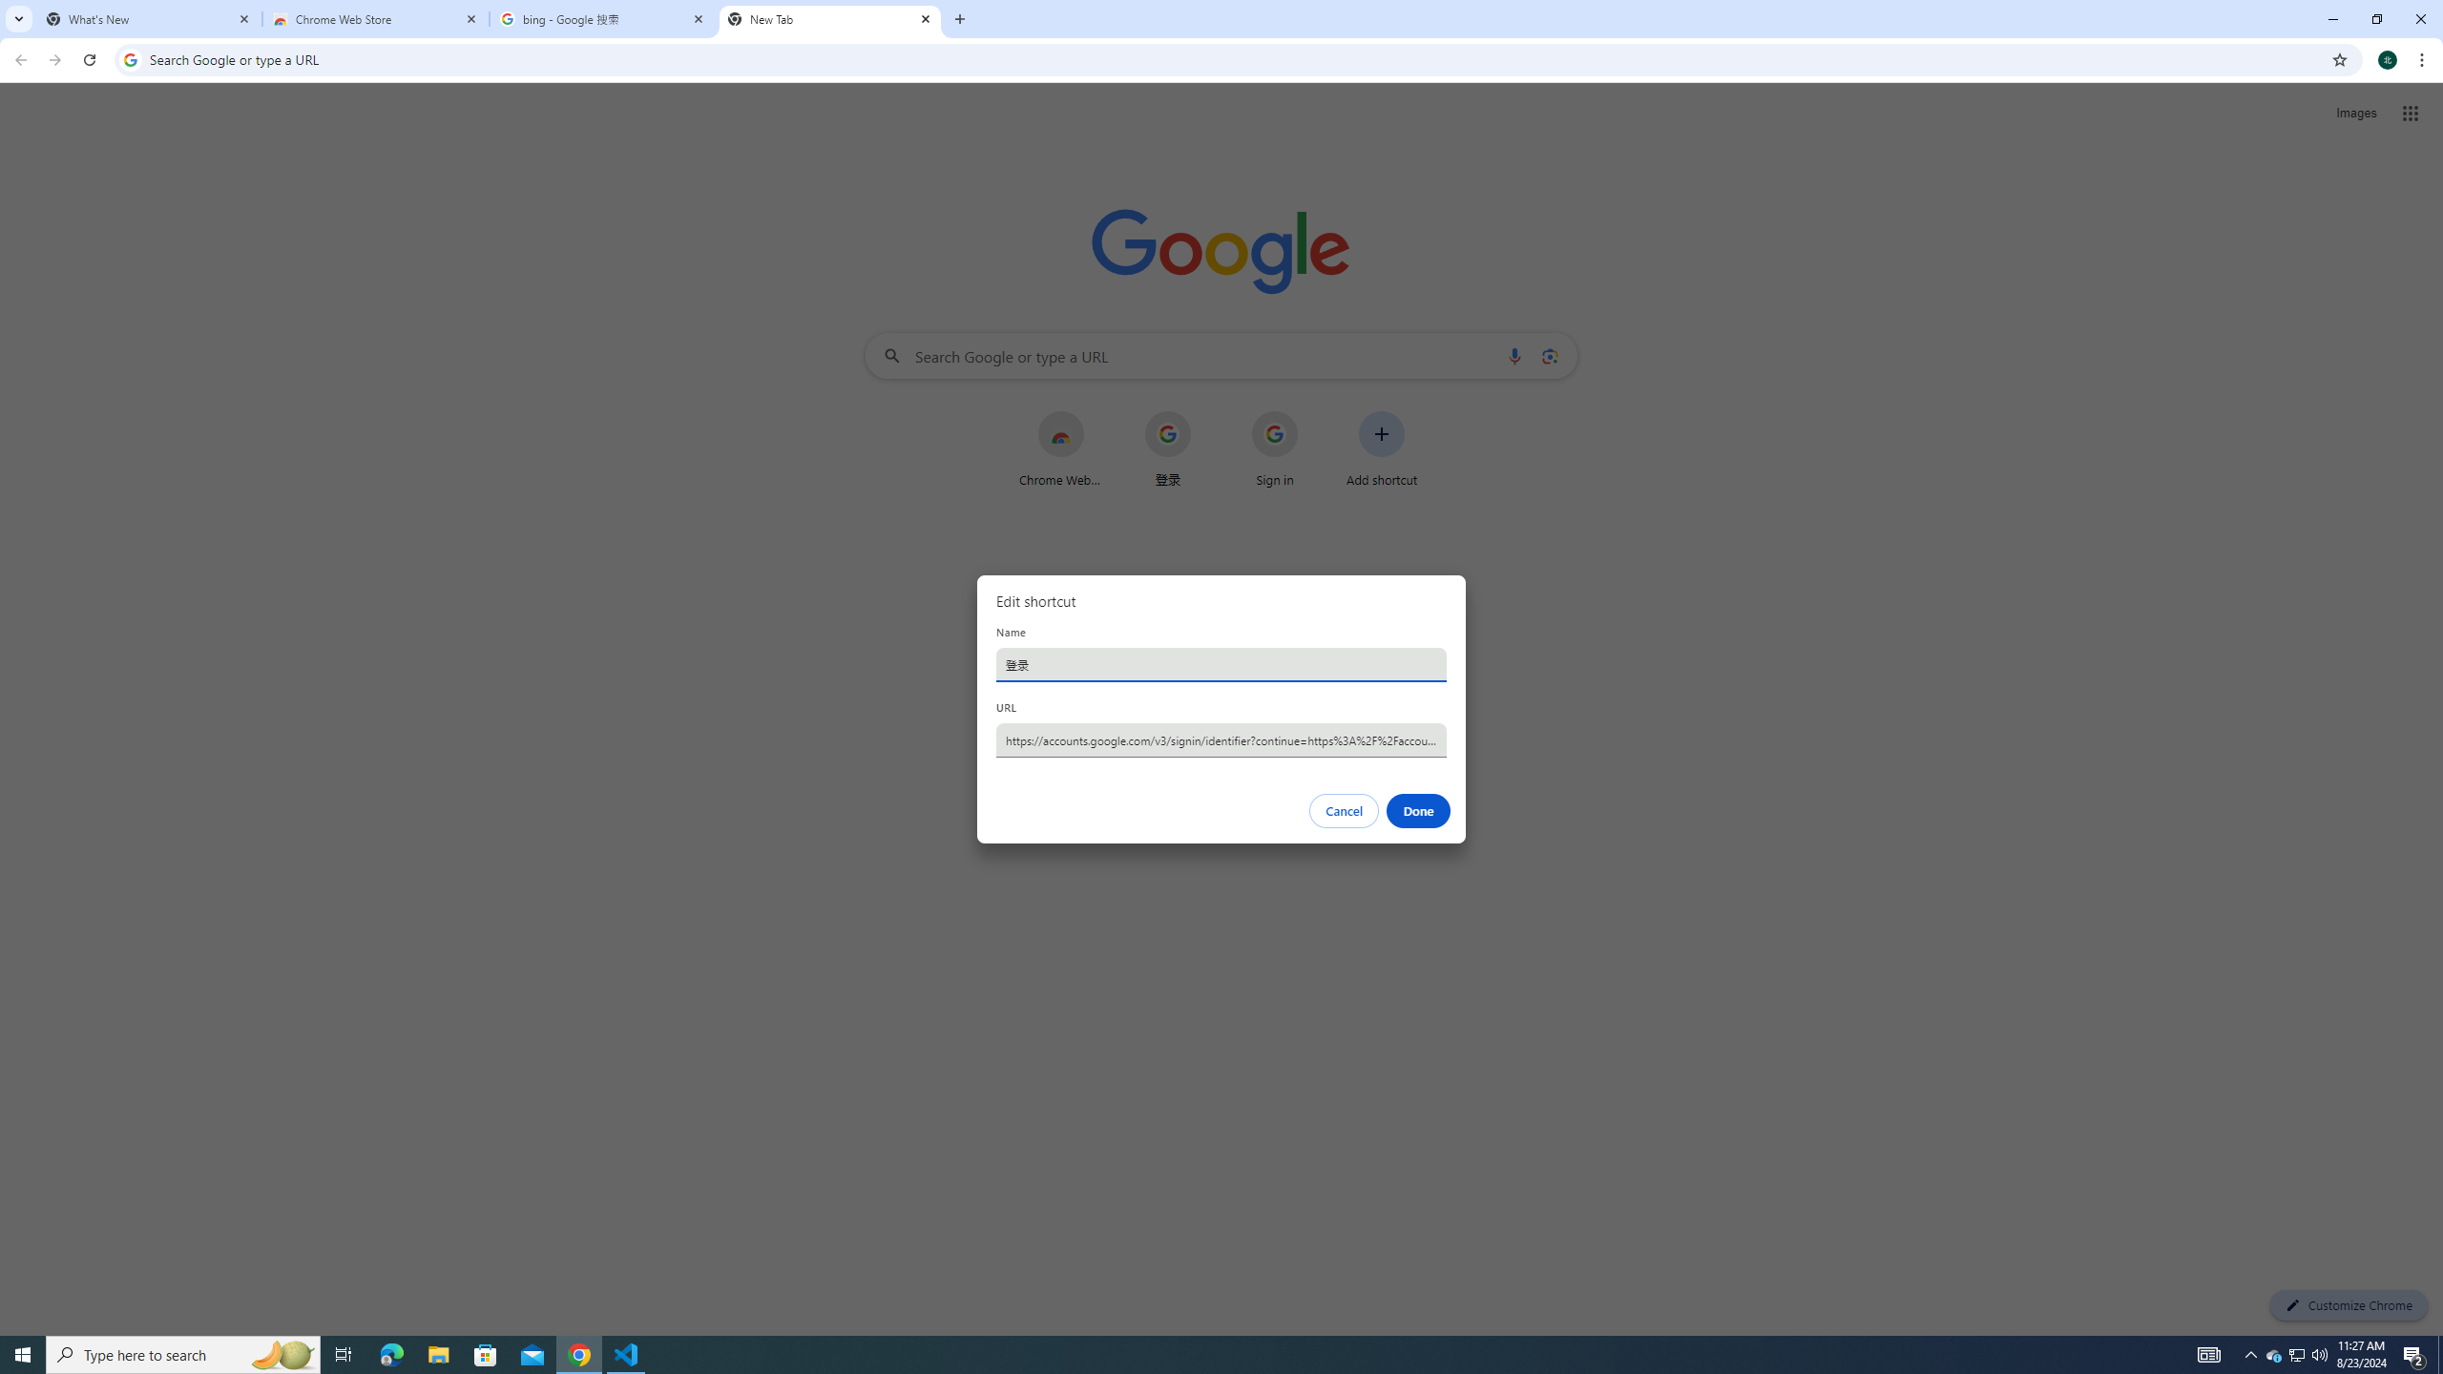 This screenshot has height=1374, width=2443. I want to click on 'Chrome Web Store', so click(376, 18).